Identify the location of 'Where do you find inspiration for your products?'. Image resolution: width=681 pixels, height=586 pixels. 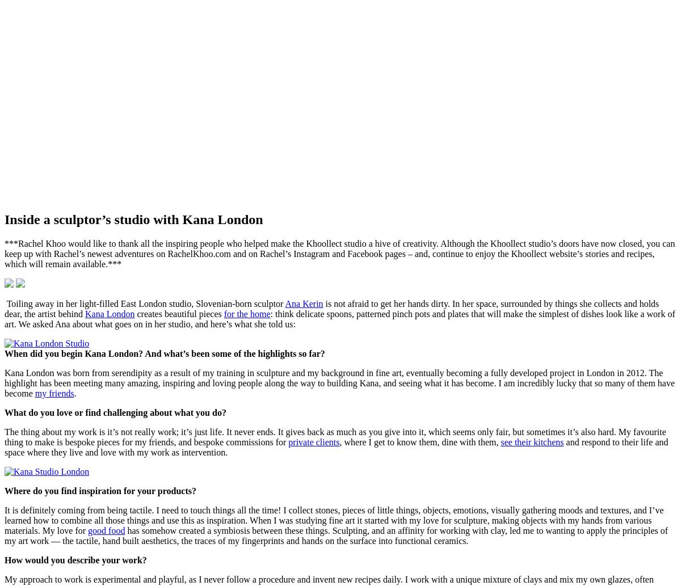
(99, 490).